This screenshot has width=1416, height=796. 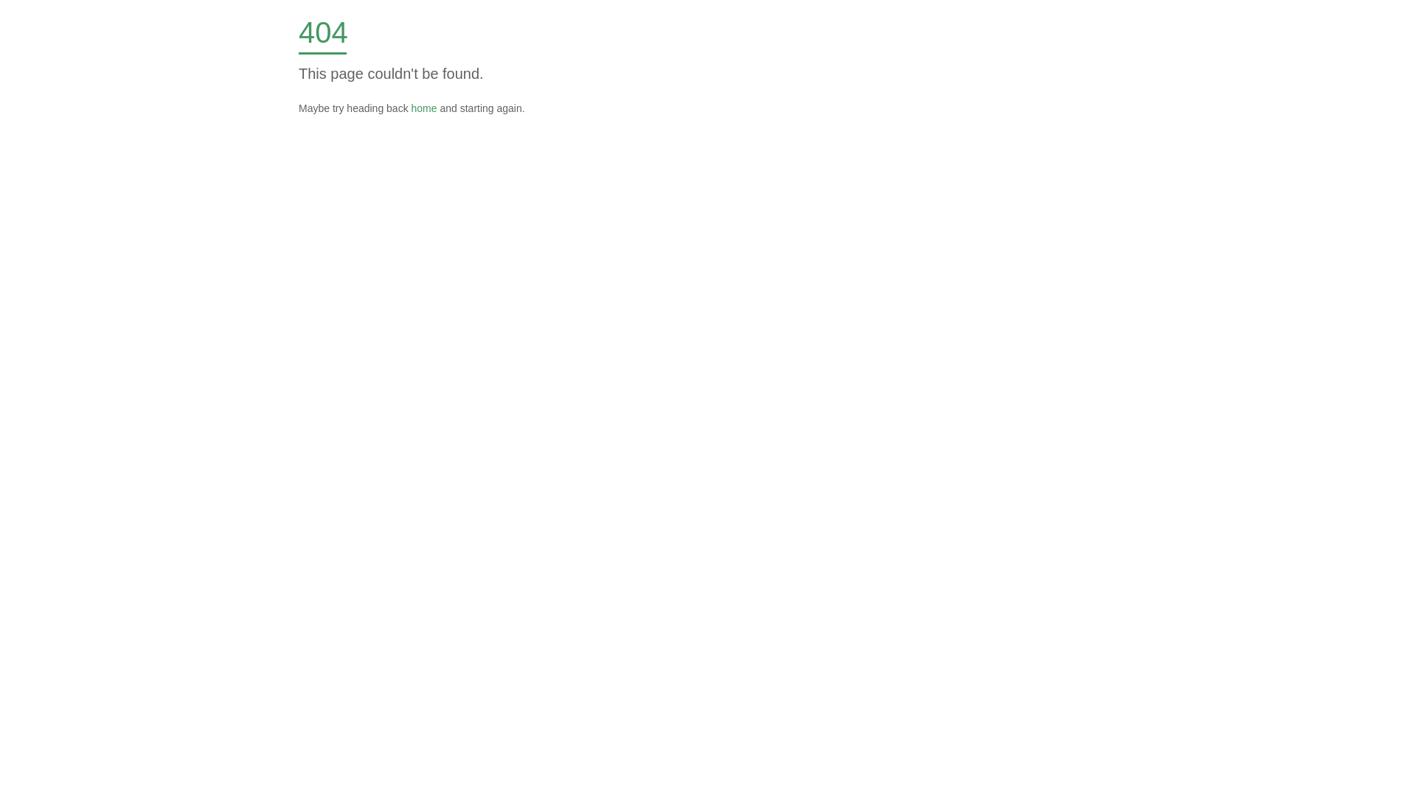 What do you see at coordinates (423, 107) in the screenshot?
I see `'home'` at bounding box center [423, 107].